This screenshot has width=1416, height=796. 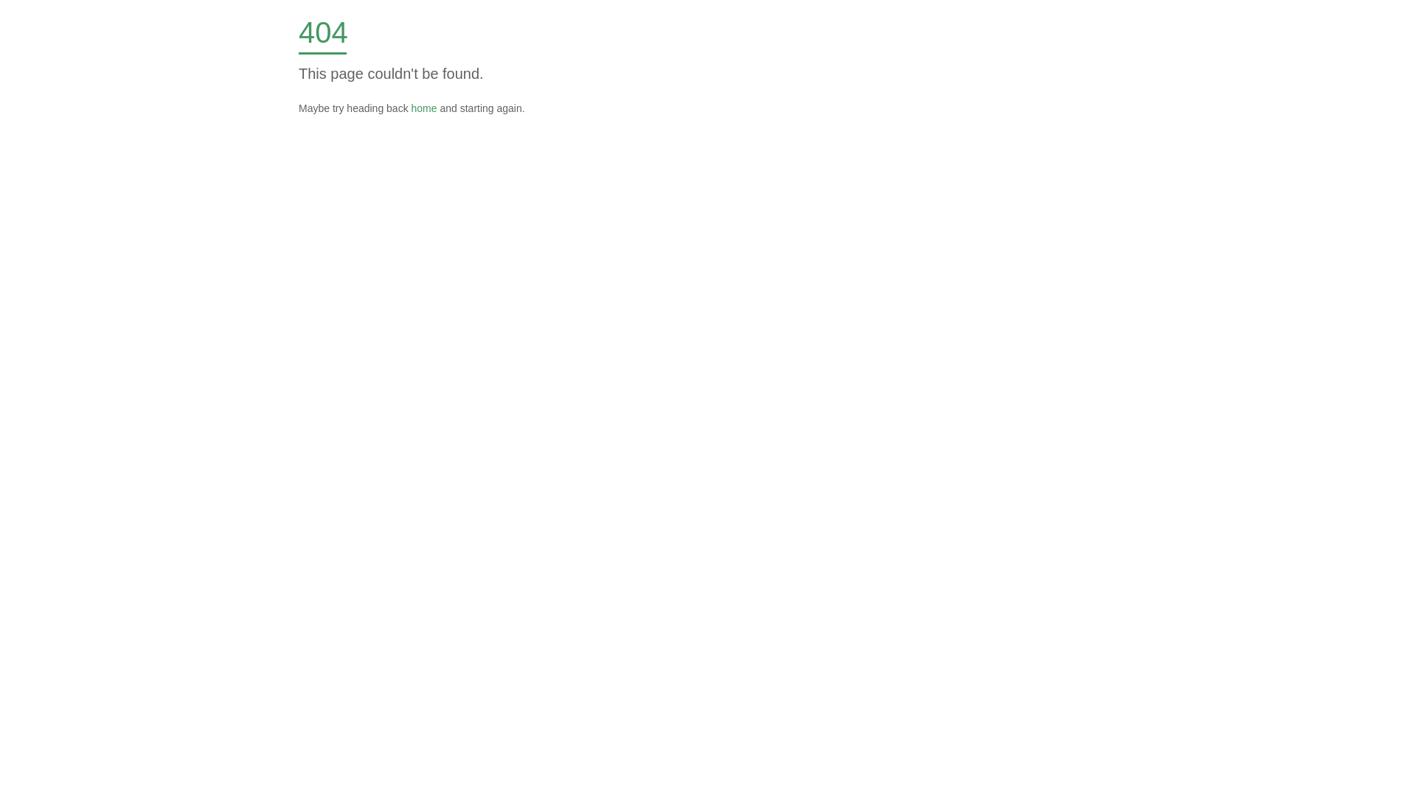 What do you see at coordinates (423, 107) in the screenshot?
I see `'home'` at bounding box center [423, 107].